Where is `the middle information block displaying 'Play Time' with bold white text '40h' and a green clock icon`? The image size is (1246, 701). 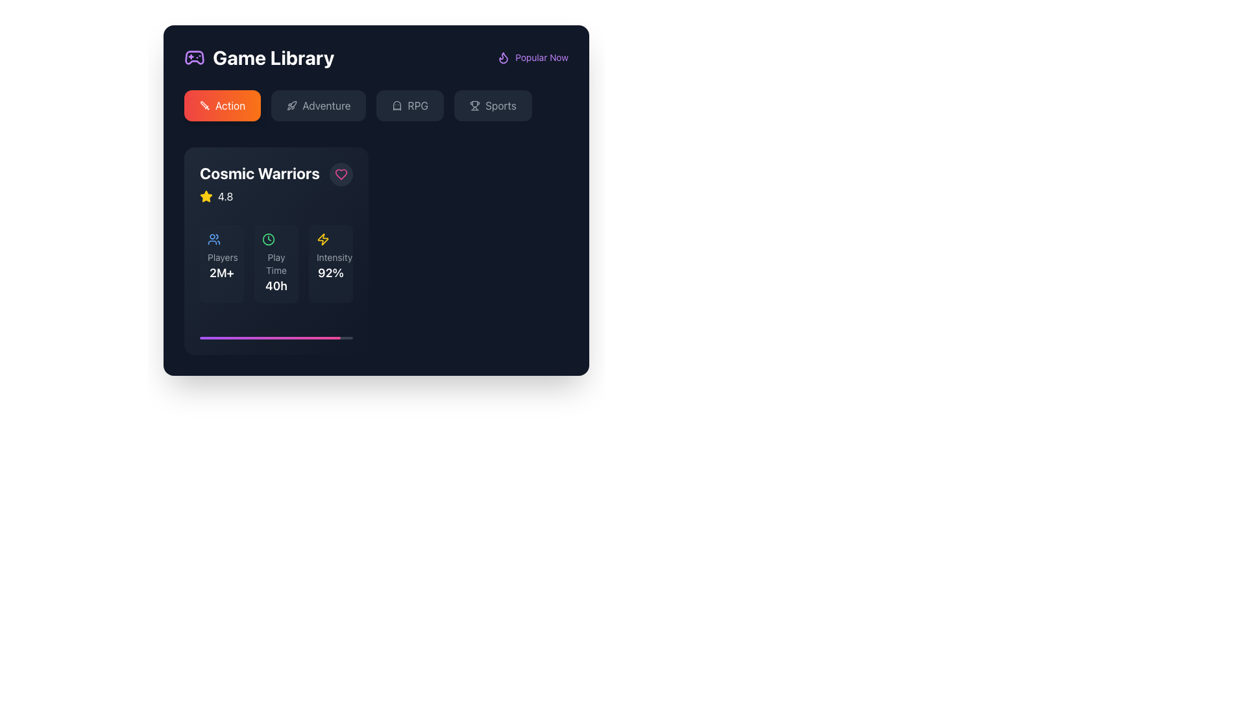 the middle information block displaying 'Play Time' with bold white text '40h' and a green clock icon is located at coordinates (276, 264).